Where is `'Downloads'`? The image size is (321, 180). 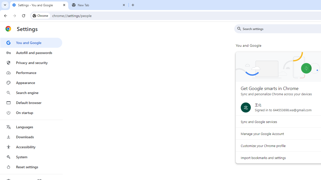
'Downloads' is located at coordinates (31, 137).